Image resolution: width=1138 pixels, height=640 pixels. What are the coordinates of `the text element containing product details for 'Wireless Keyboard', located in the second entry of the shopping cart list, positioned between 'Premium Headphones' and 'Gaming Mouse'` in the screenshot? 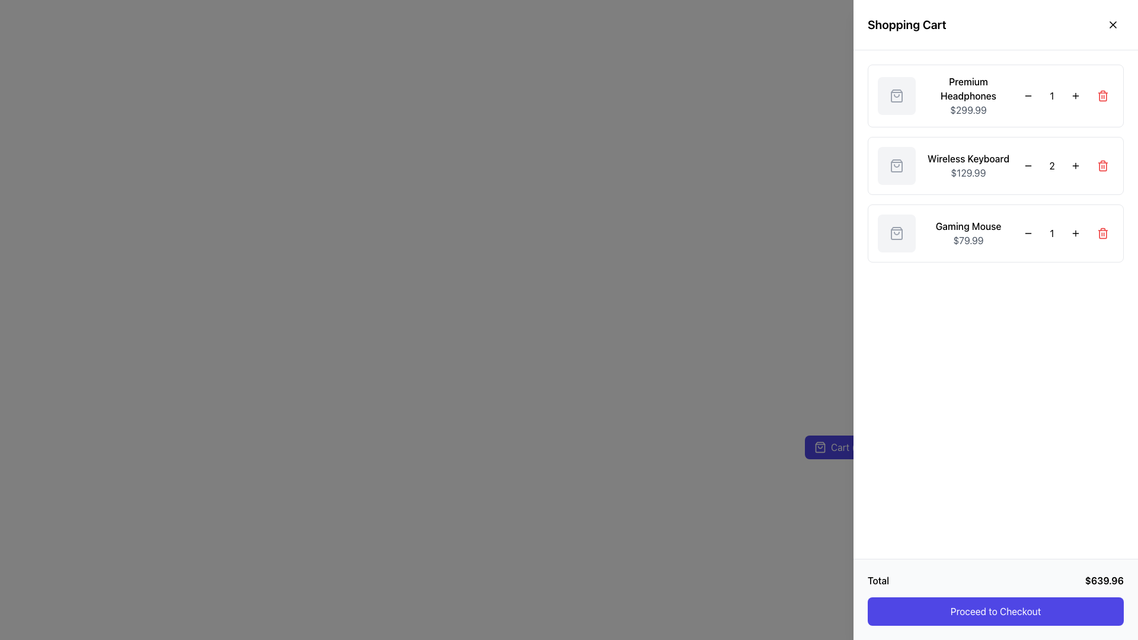 It's located at (968, 166).